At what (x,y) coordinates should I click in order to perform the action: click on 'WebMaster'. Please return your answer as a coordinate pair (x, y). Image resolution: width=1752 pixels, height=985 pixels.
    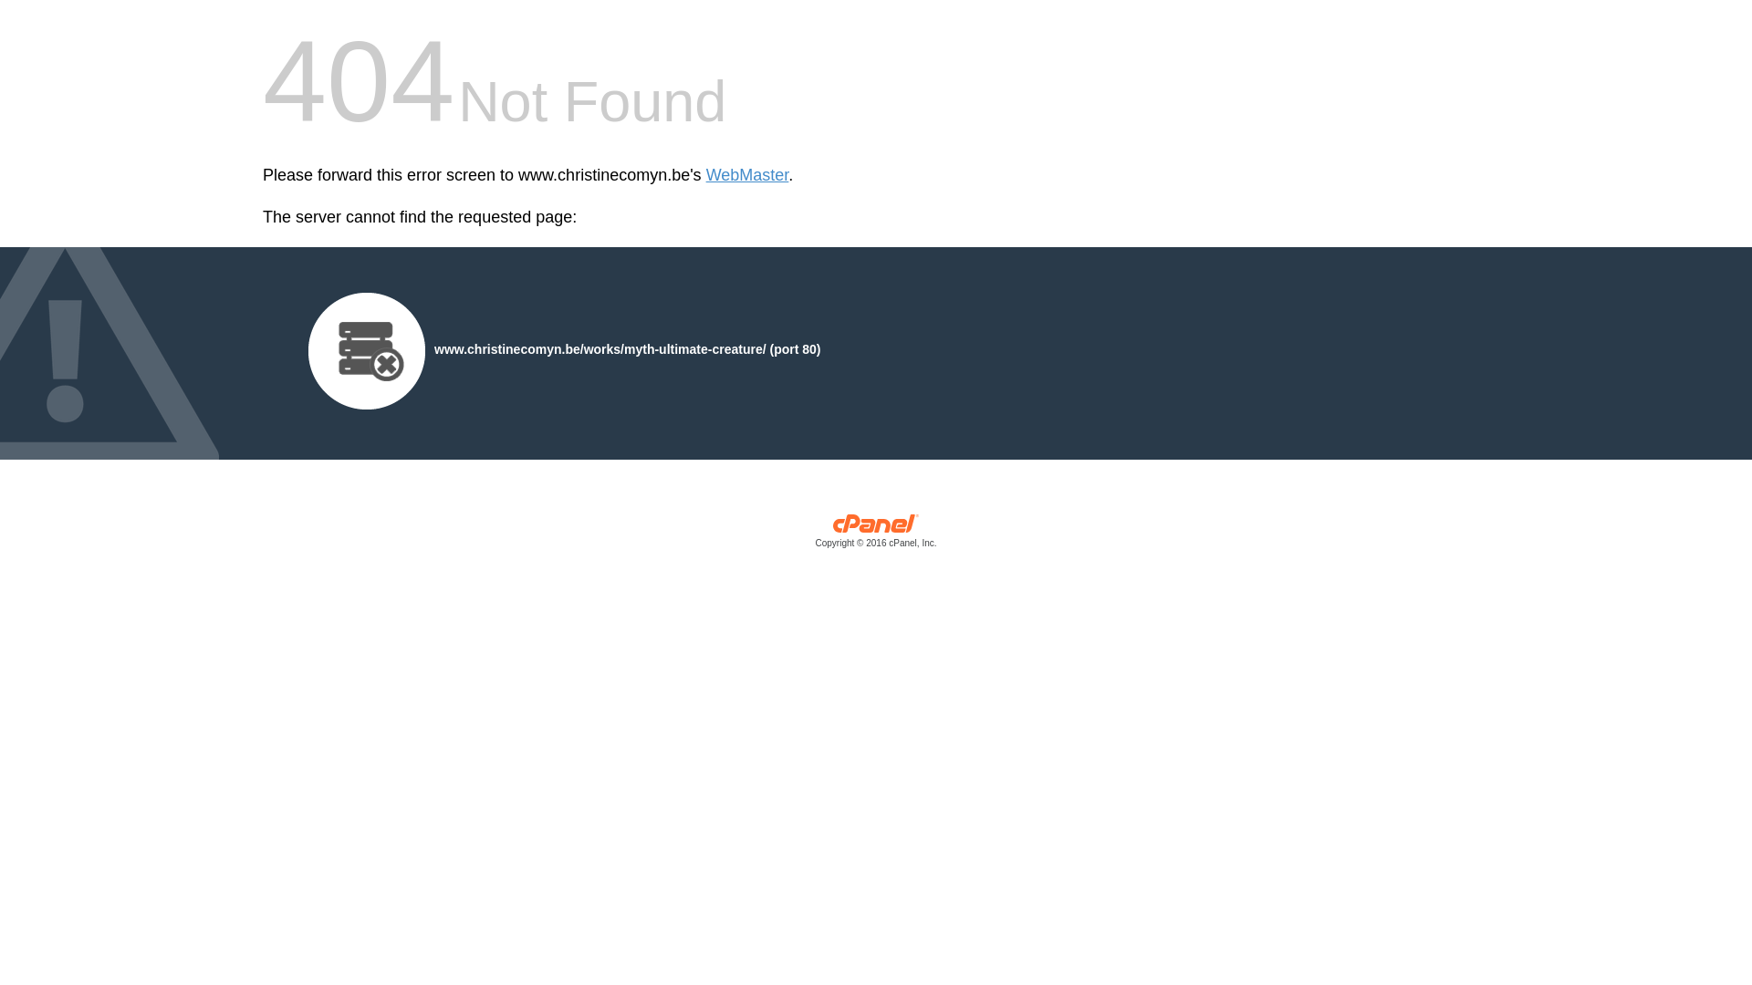
    Looking at the image, I should click on (747, 175).